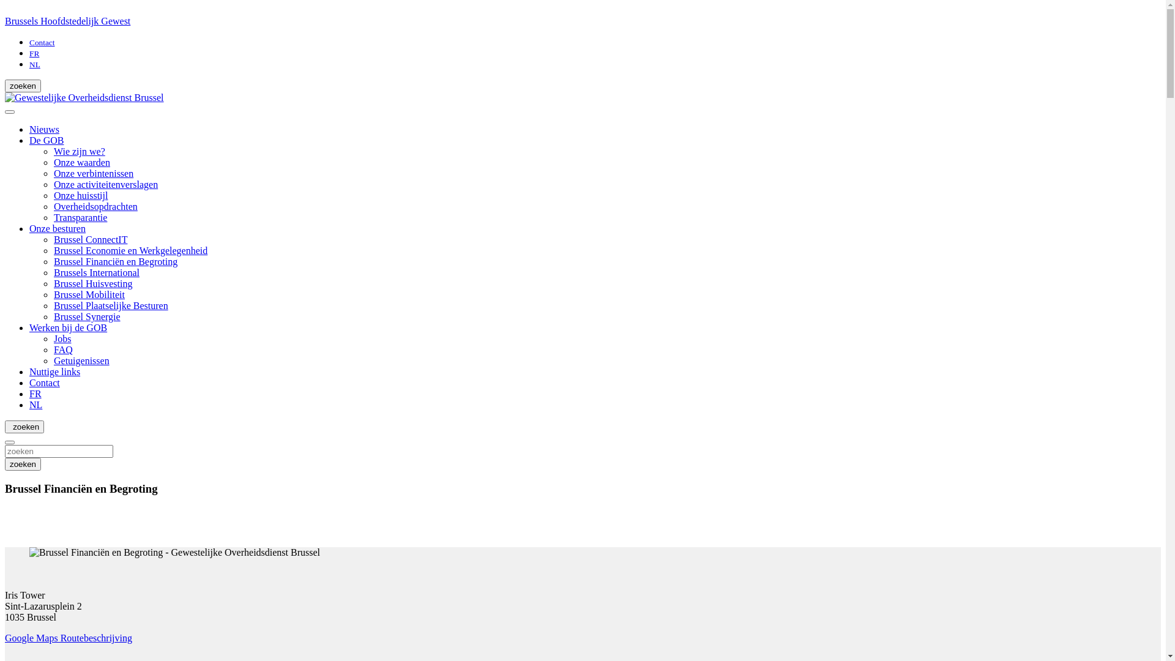 This screenshot has height=661, width=1175. I want to click on 'Transparantie', so click(80, 217).